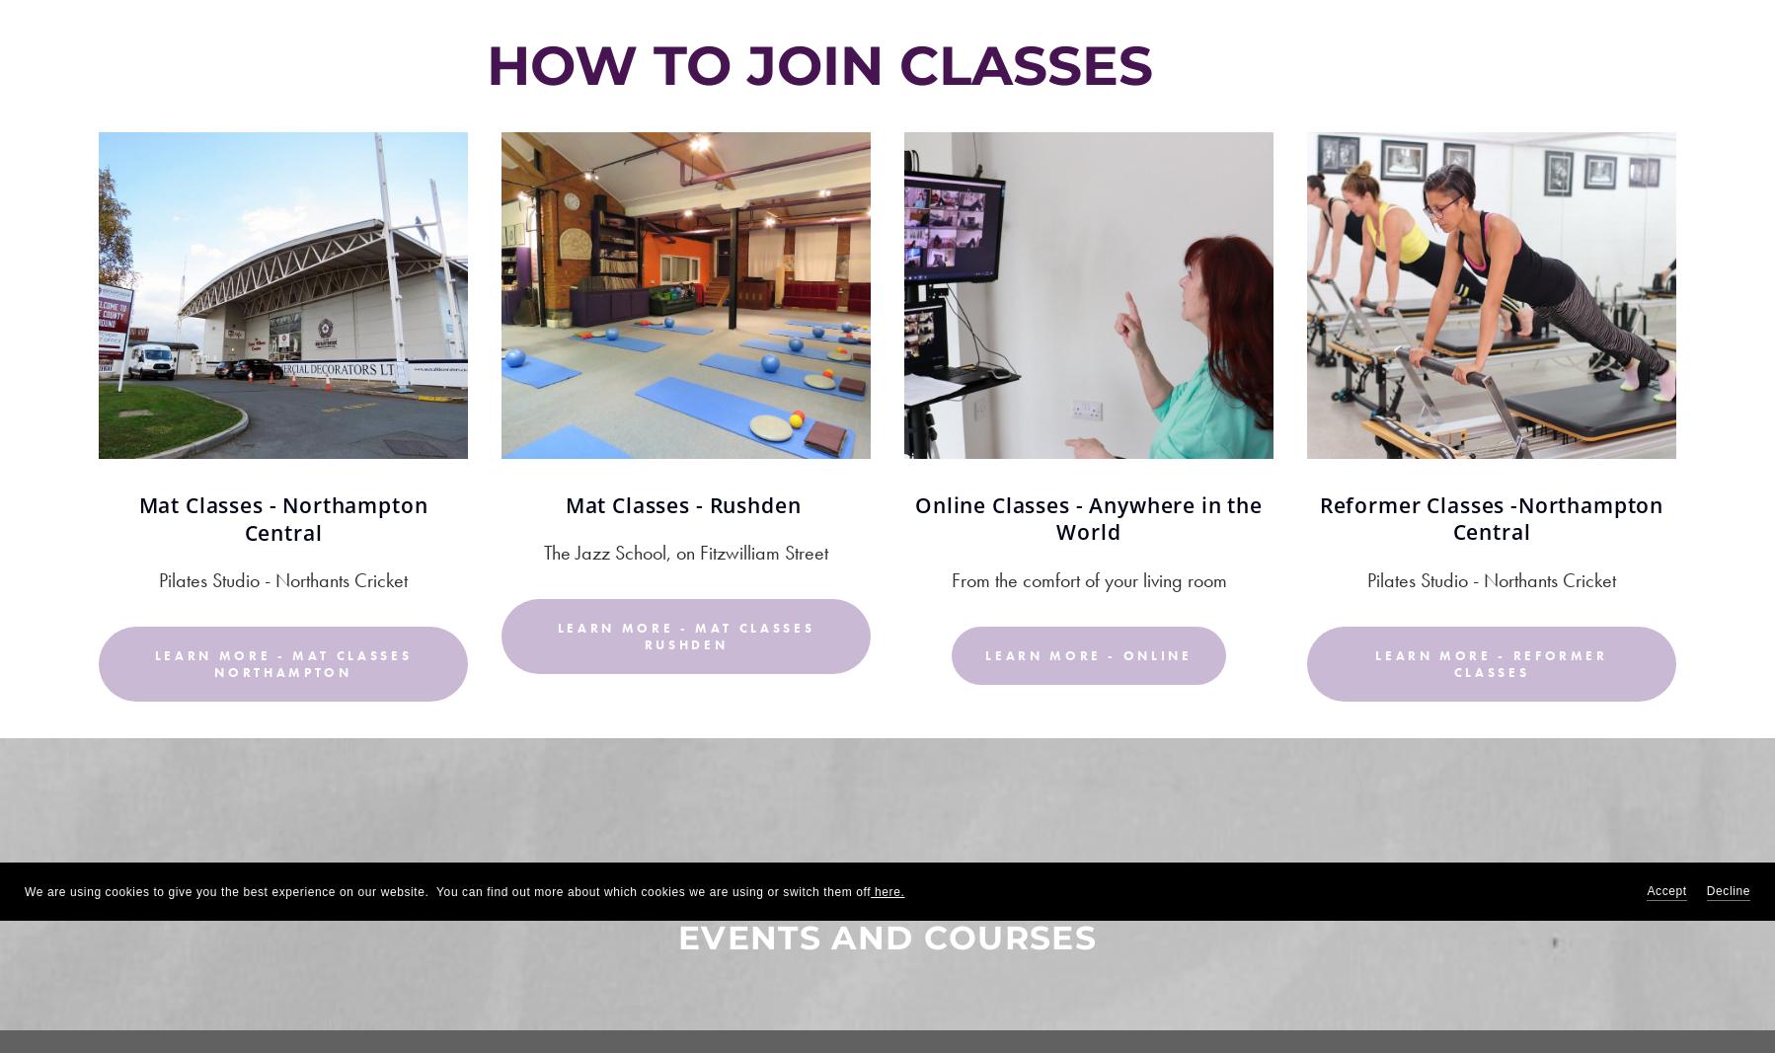 The width and height of the screenshot is (1775, 1053). Describe the element at coordinates (1728, 891) in the screenshot. I see `'Decline'` at that location.